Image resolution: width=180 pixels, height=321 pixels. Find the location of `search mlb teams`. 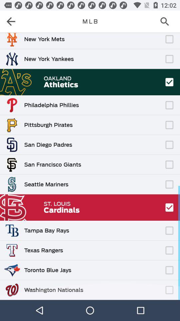

search mlb teams is located at coordinates (166, 21).